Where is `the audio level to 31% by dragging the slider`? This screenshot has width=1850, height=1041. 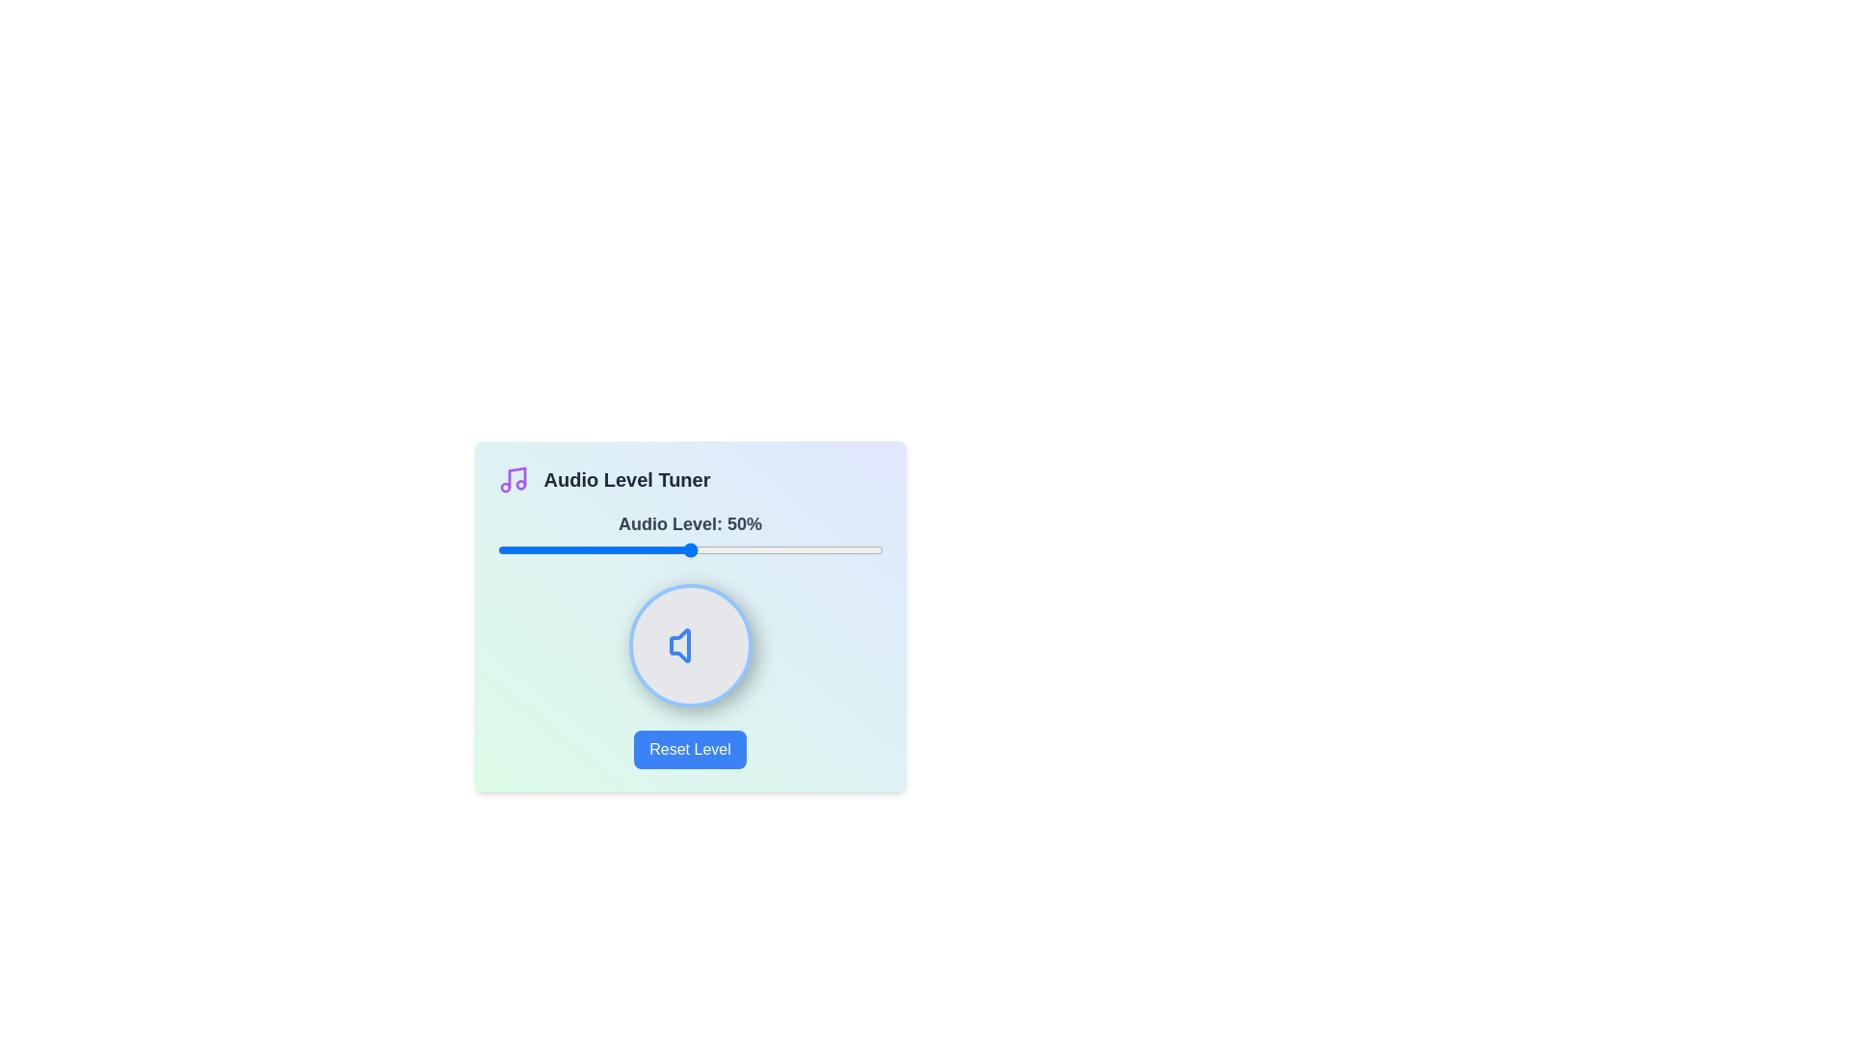
the audio level to 31% by dragging the slider is located at coordinates (617, 549).